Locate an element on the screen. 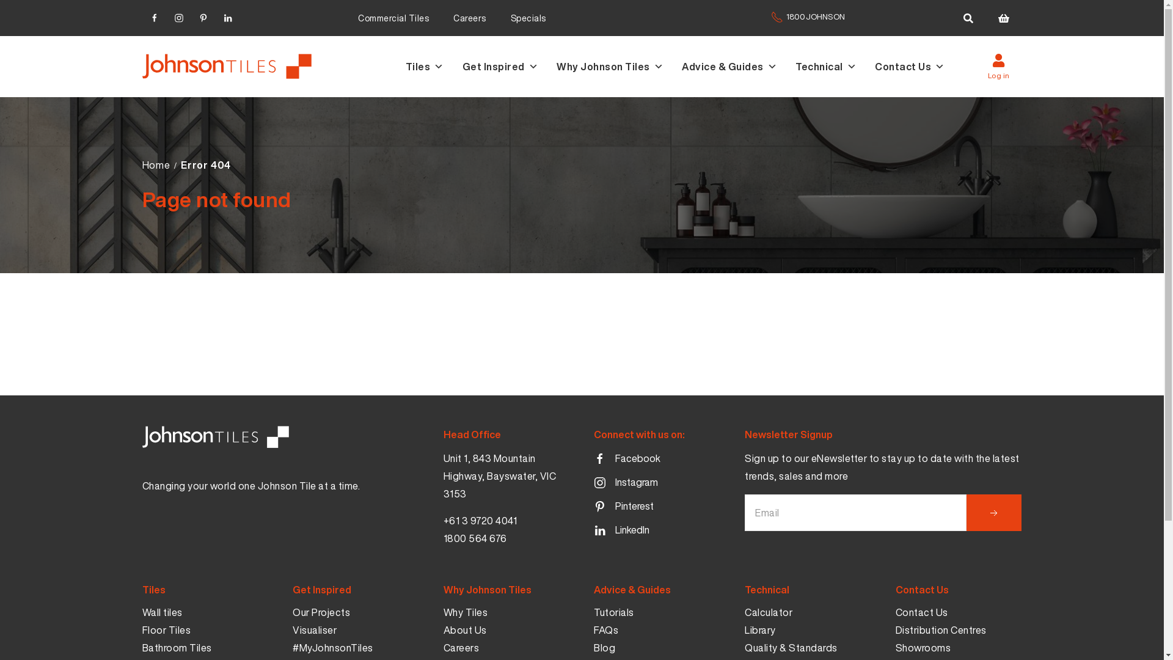  'Facebook' is located at coordinates (627, 460).